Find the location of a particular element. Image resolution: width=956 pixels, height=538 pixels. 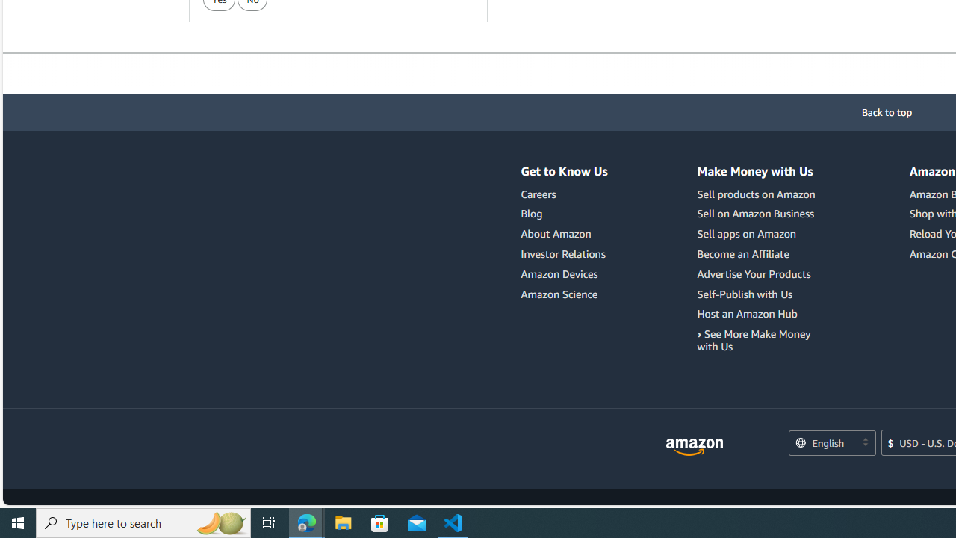

'Host an Amazon Hub' is located at coordinates (758, 313).